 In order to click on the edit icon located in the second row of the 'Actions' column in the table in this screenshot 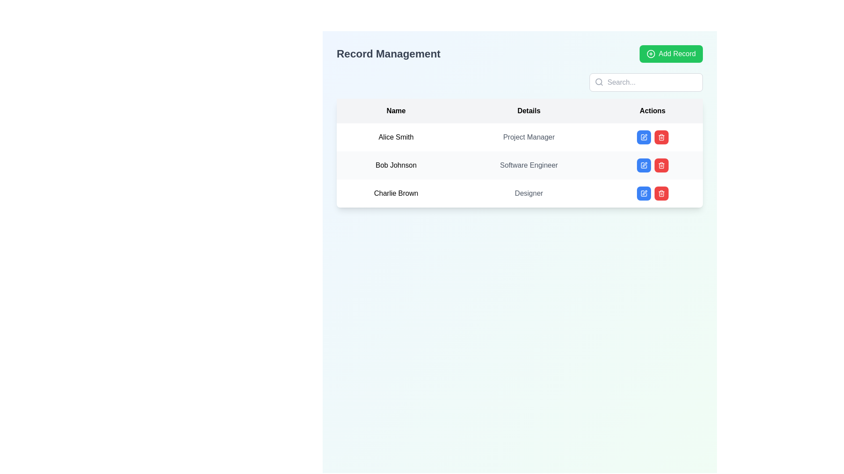, I will do `click(644, 165)`.